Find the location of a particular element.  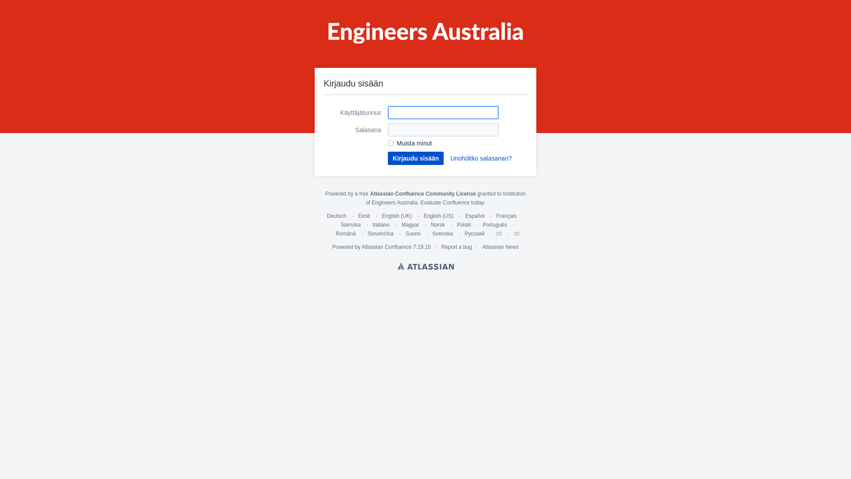

'Evaluate Confluence today' is located at coordinates (452, 202).